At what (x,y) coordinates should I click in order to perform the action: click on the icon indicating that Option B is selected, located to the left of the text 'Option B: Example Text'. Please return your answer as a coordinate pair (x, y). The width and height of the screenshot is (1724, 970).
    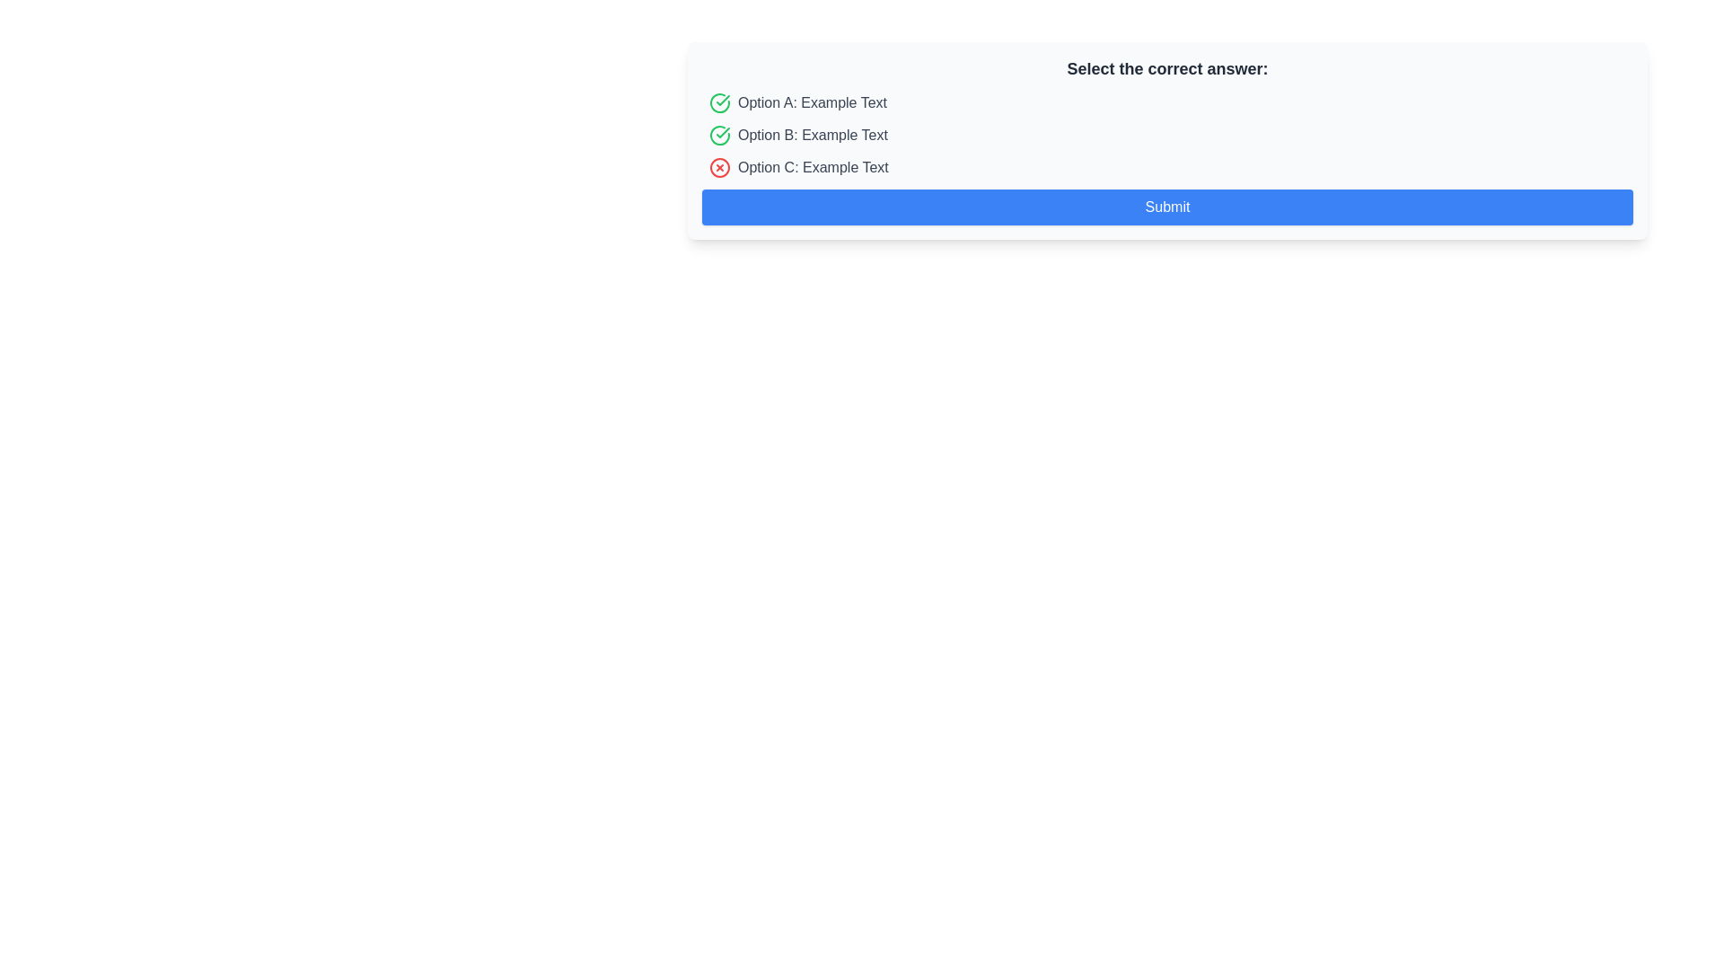
    Looking at the image, I should click on (719, 134).